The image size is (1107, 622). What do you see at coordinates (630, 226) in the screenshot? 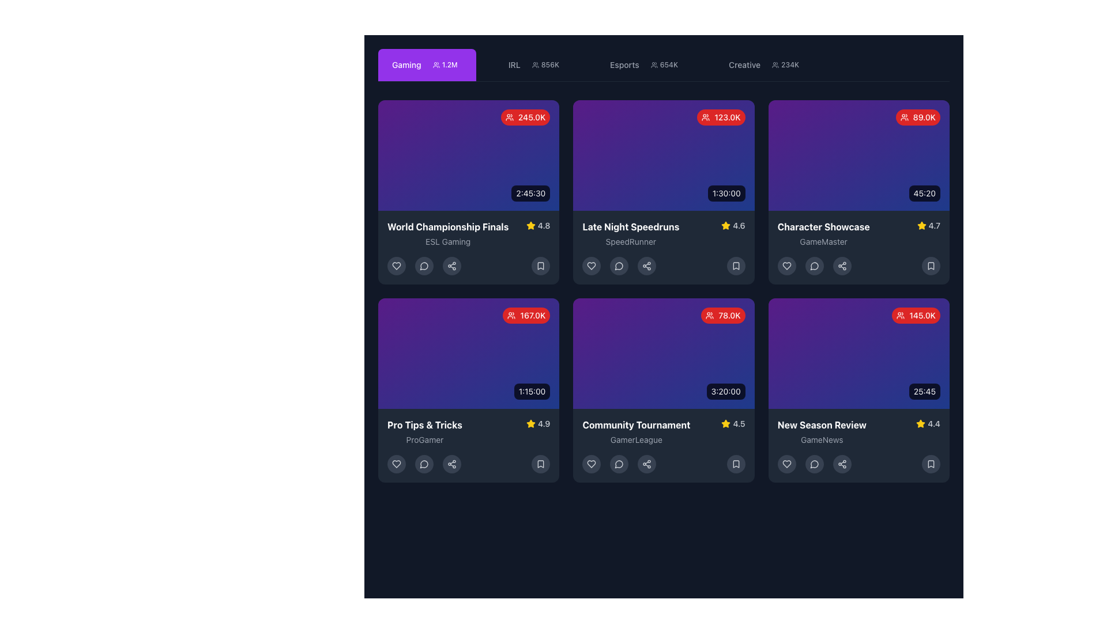
I see `the title text label located in the second card of the top row, which summarizes the content of the card and is positioned above the smaller text 'SpeedRunner'` at bounding box center [630, 226].